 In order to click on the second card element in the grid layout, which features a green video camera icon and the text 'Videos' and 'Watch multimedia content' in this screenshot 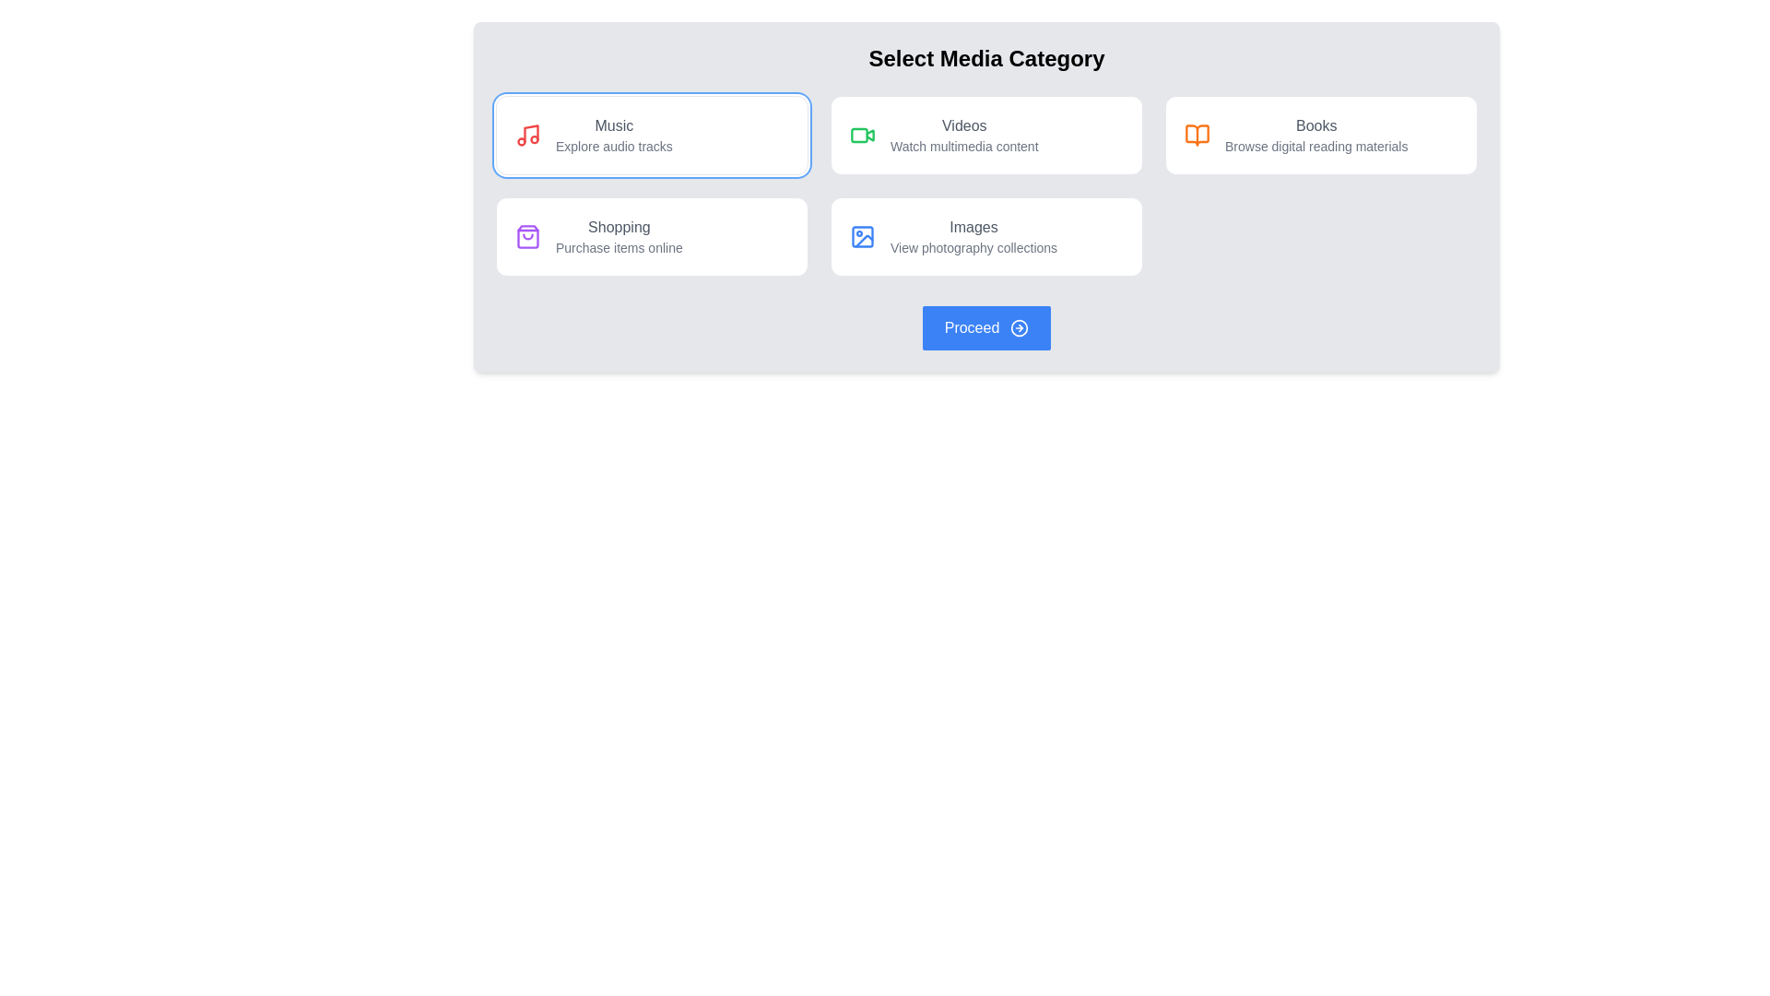, I will do `click(985, 134)`.